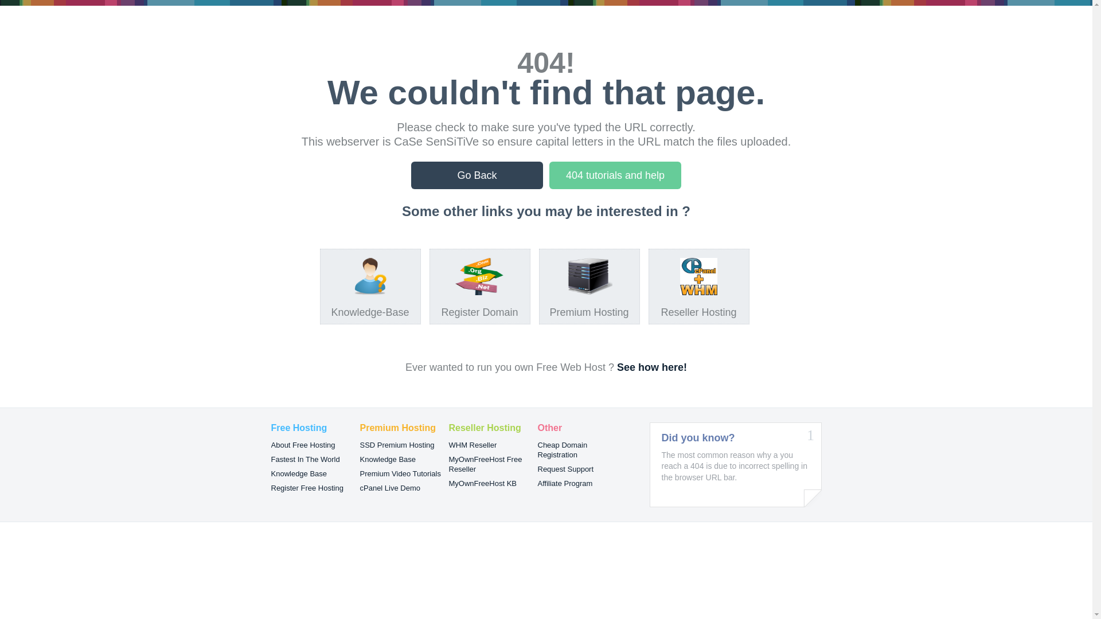 The height and width of the screenshot is (619, 1101). I want to click on 'Register Free Hosting', so click(270, 488).